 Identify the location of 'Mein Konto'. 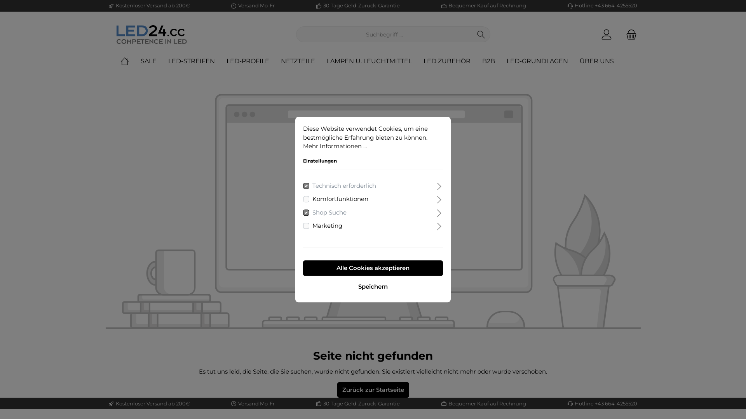
(596, 34).